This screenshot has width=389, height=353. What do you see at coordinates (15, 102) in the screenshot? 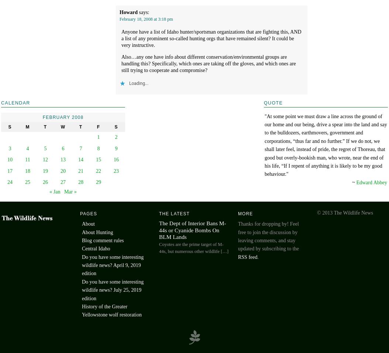
I see `'Calendar'` at bounding box center [15, 102].